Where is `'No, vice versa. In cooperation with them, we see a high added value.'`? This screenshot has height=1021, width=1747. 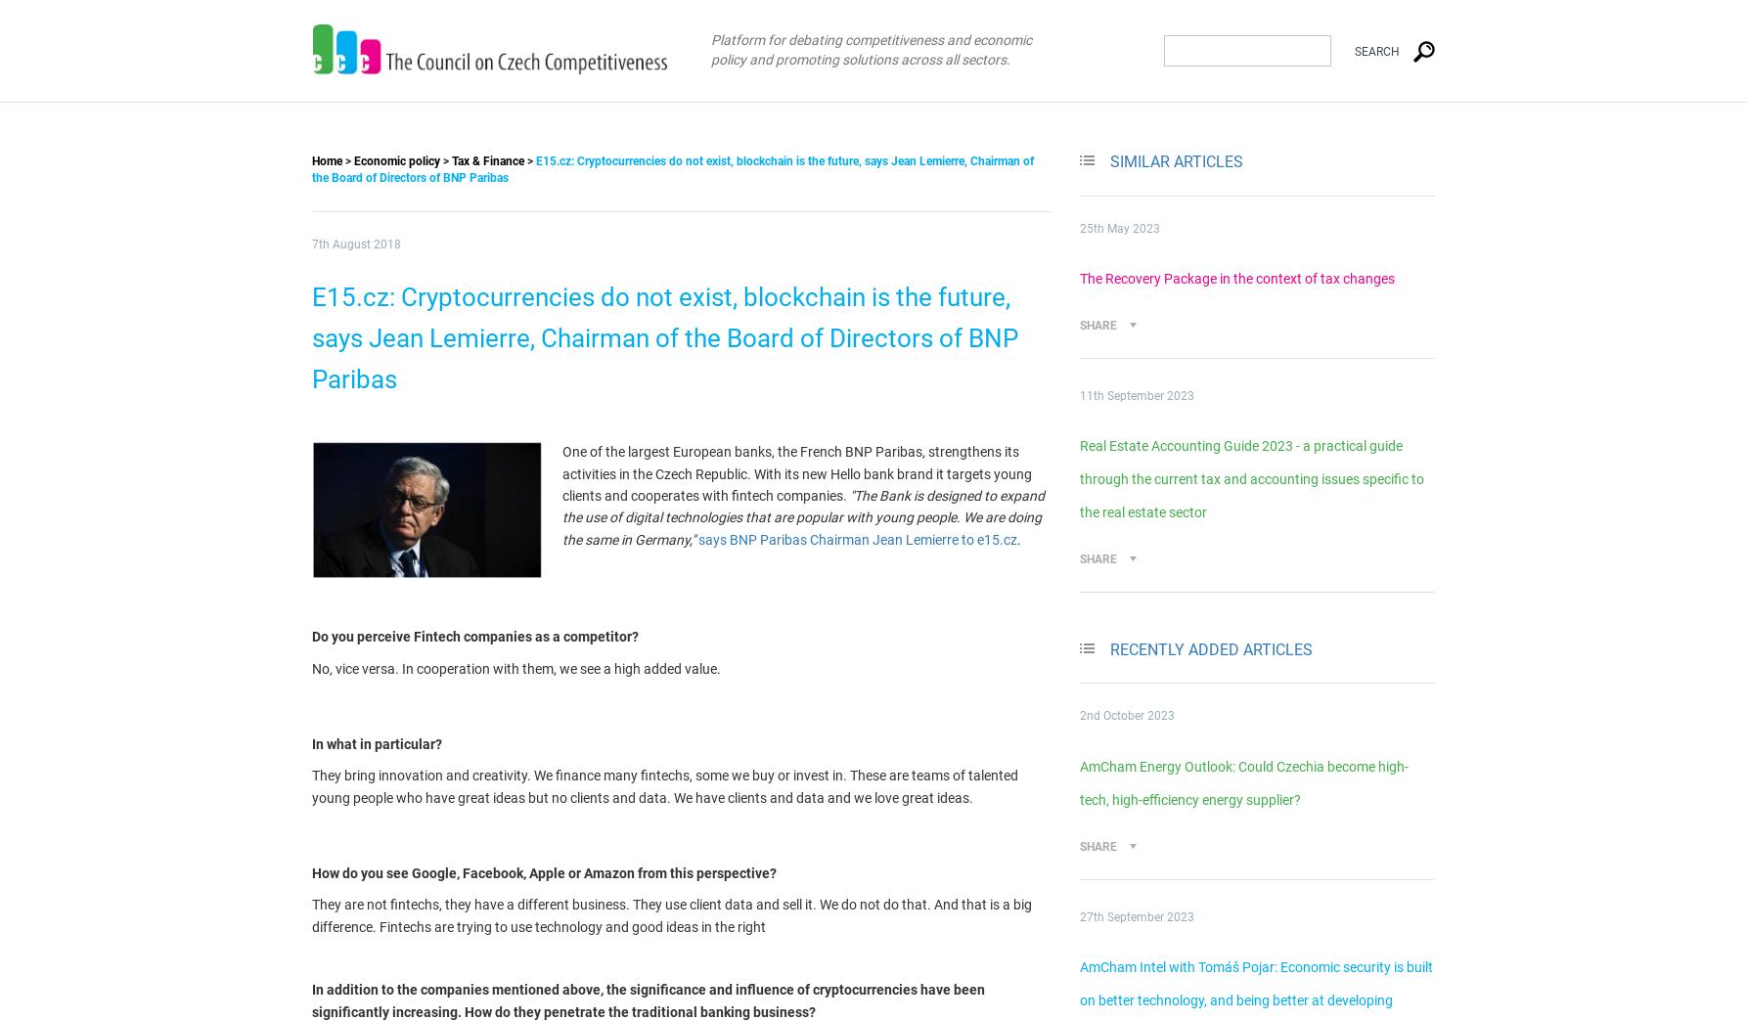
'No, vice versa. In cooperation with them, we see a high added value.' is located at coordinates (311, 666).